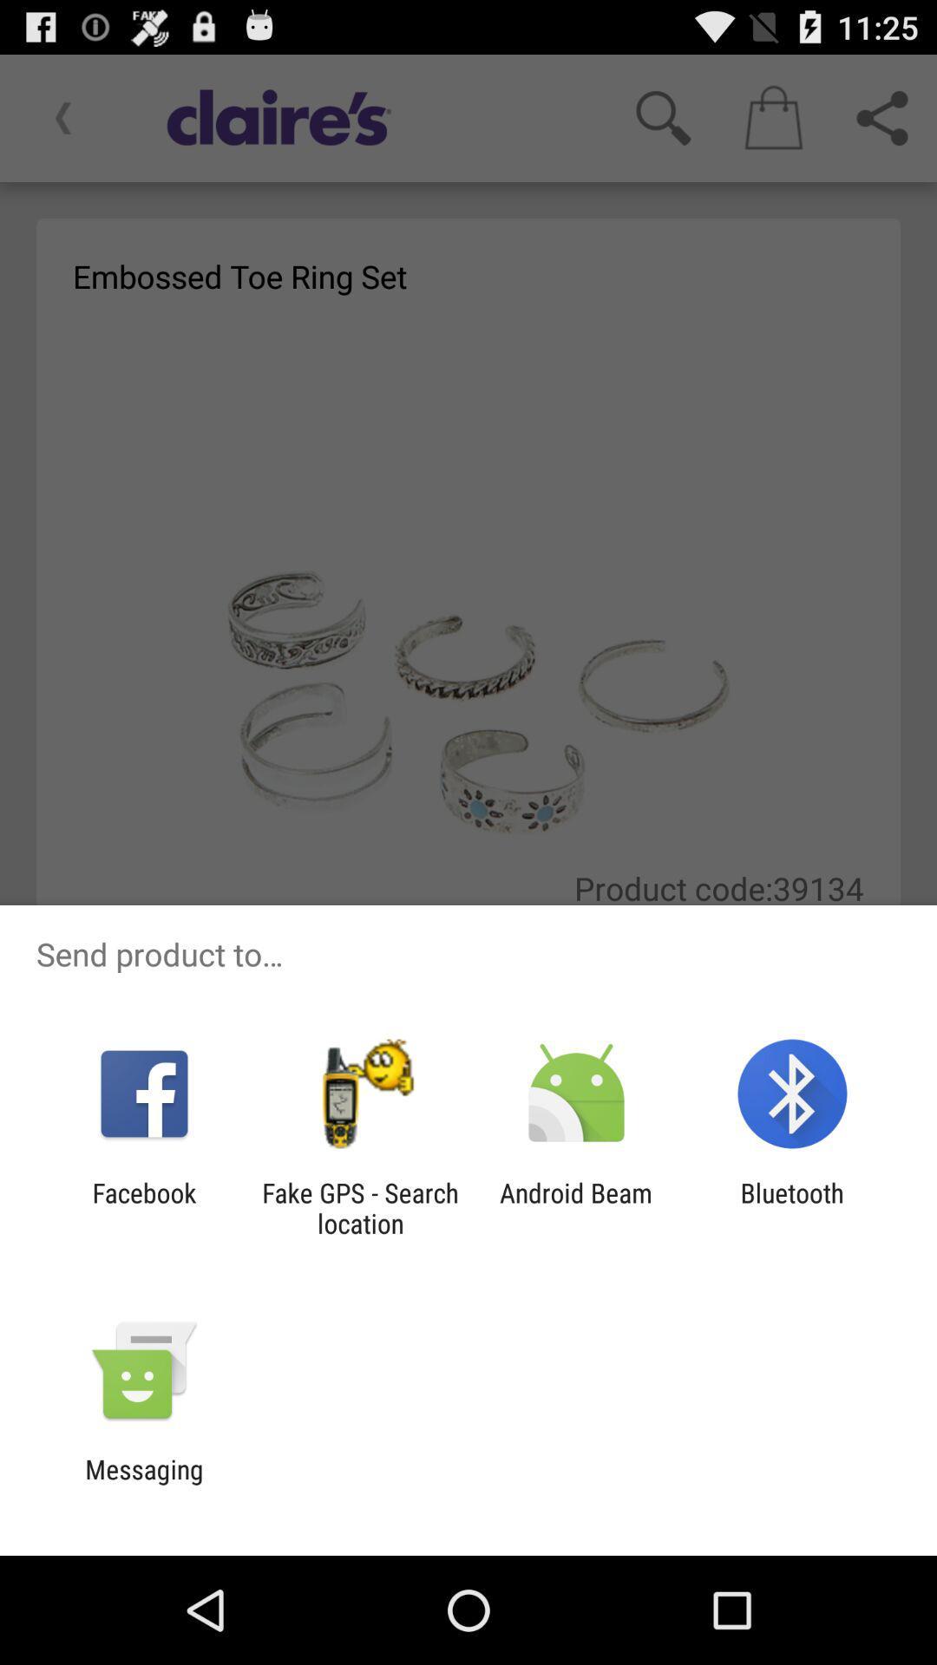 This screenshot has width=937, height=1665. Describe the element at coordinates (143, 1207) in the screenshot. I see `the app next to the fake gps search` at that location.